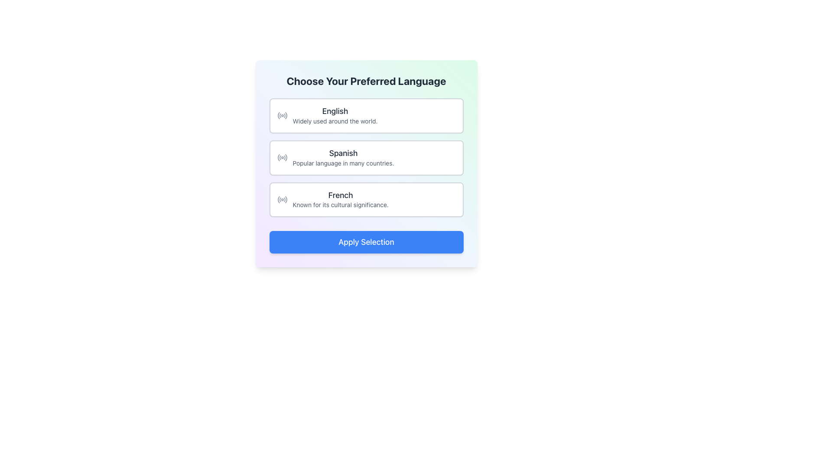 This screenshot has height=468, width=832. What do you see at coordinates (340, 205) in the screenshot?
I see `the static text label that reads 'Known for its cultural significance.' positioned below the 'French' text in the 'Choose Your Preferred Language' selection list` at bounding box center [340, 205].